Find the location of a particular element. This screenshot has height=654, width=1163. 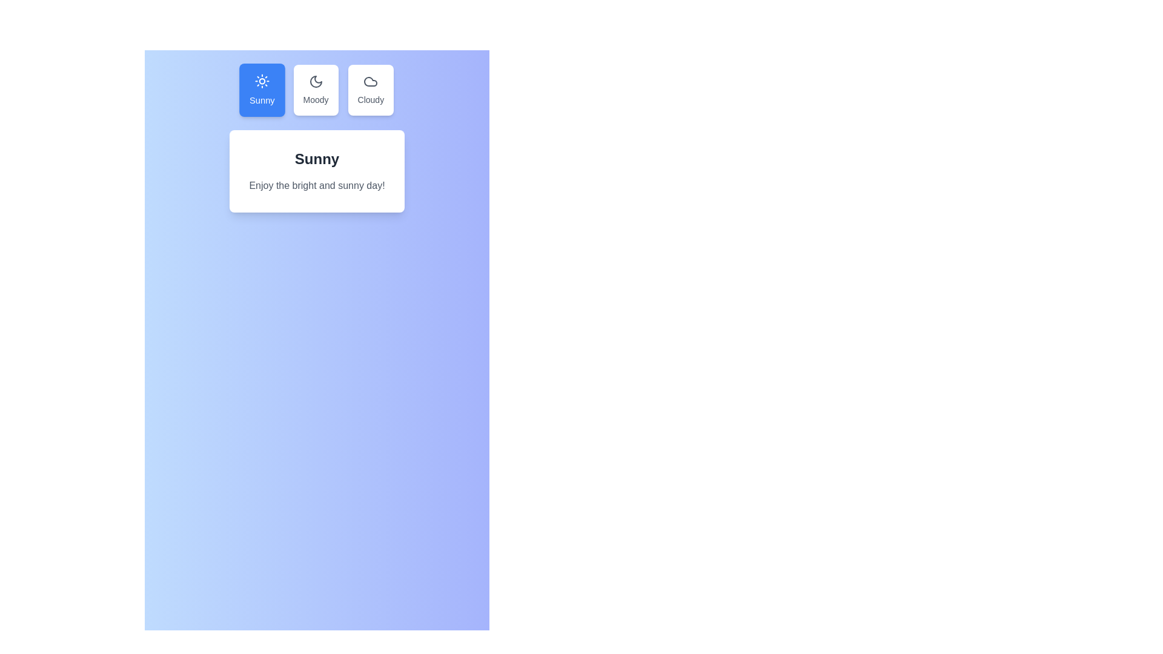

the Cloudy tab in the WeatherTabs component is located at coordinates (369, 90).